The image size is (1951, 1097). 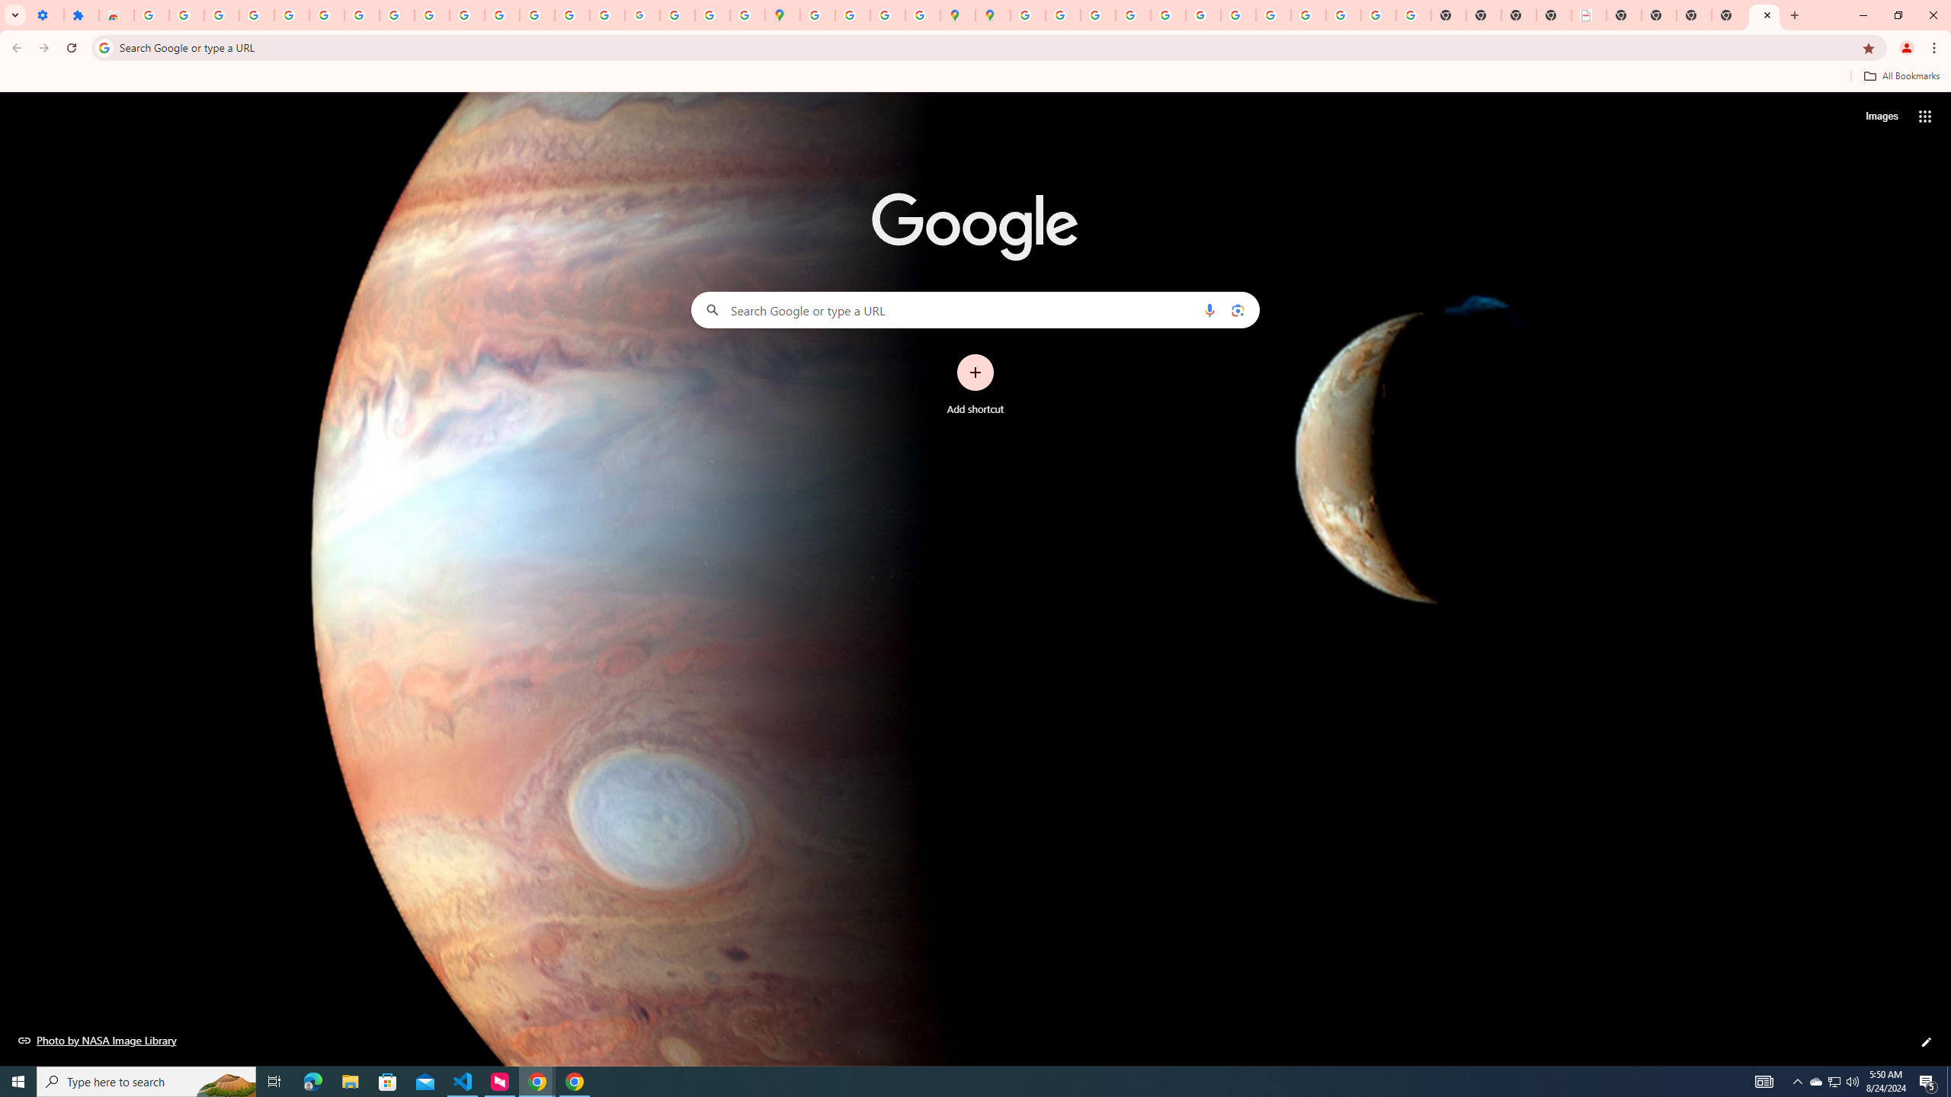 What do you see at coordinates (1132, 14) in the screenshot?
I see `'Privacy Help Center - Policies Help'` at bounding box center [1132, 14].